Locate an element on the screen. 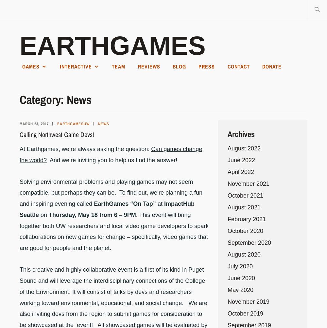  'At Earthgames, we’re always asking the question:' is located at coordinates (85, 148).